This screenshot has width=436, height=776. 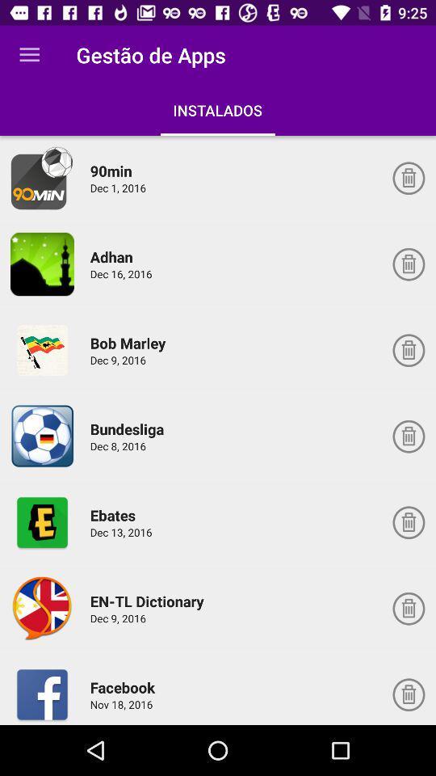 What do you see at coordinates (128, 428) in the screenshot?
I see `the item below dec 9, 2016 icon` at bounding box center [128, 428].